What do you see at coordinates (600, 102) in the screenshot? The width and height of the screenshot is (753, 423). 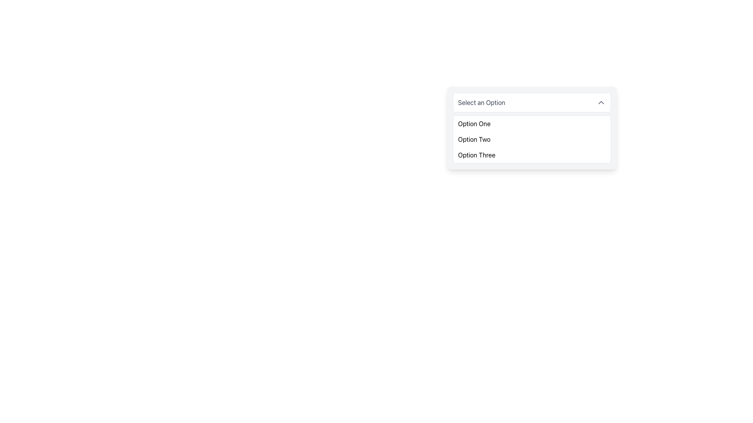 I see `the downward-facing chevron arrow icon` at bounding box center [600, 102].